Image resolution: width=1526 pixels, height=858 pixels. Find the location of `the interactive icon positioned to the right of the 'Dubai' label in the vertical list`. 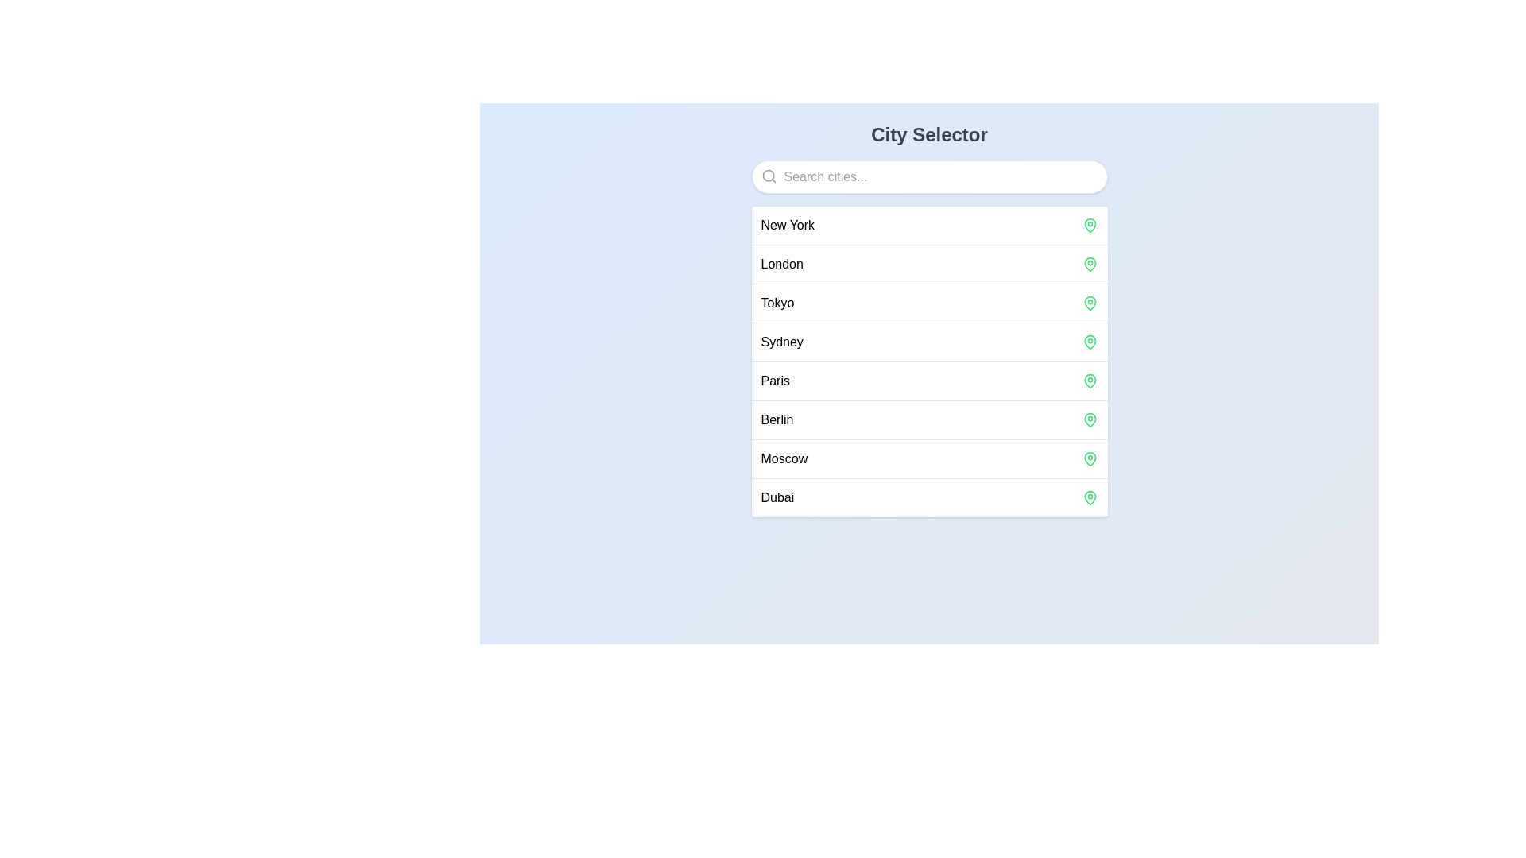

the interactive icon positioned to the right of the 'Dubai' label in the vertical list is located at coordinates (1089, 497).